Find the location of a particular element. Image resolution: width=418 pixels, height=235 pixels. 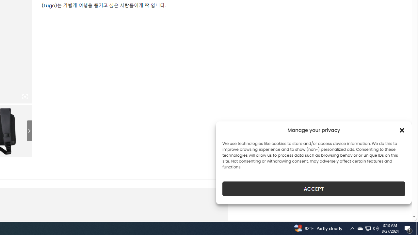

'ACCEPT' is located at coordinates (314, 189).